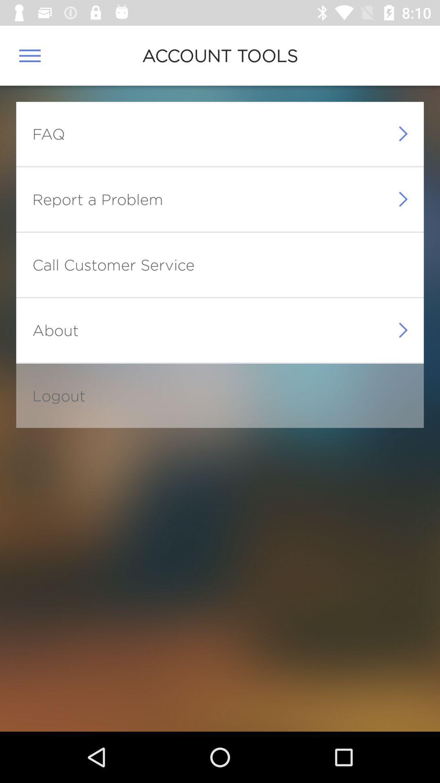  I want to click on the app above faq, so click(29, 55).